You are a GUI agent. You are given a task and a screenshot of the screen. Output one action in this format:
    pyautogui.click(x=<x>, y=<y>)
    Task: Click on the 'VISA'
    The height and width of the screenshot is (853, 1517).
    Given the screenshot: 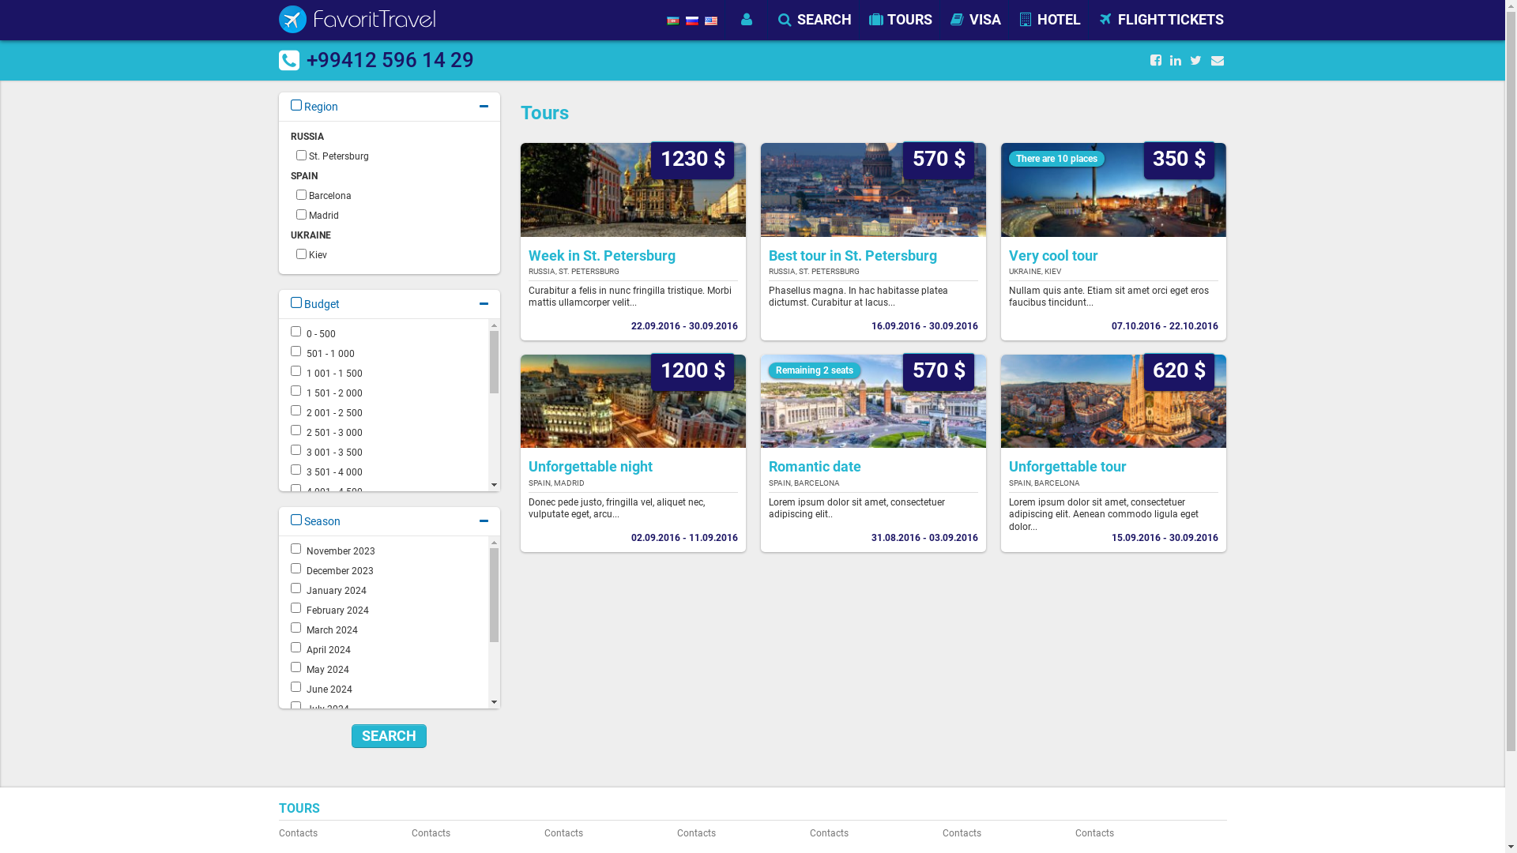 What is the action you would take?
    pyautogui.click(x=944, y=19)
    